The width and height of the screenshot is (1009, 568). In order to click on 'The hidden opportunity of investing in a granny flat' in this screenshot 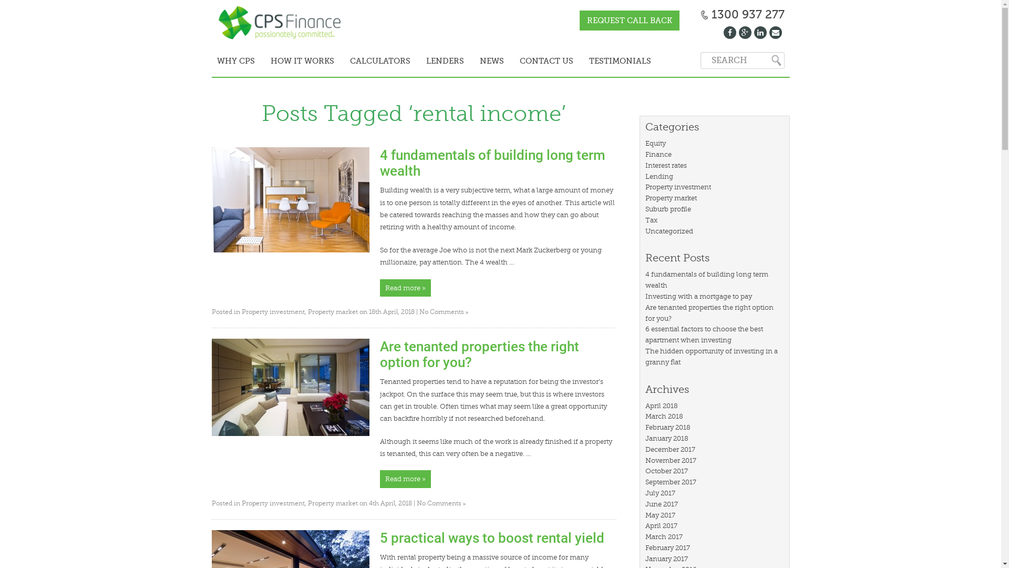, I will do `click(645, 356)`.